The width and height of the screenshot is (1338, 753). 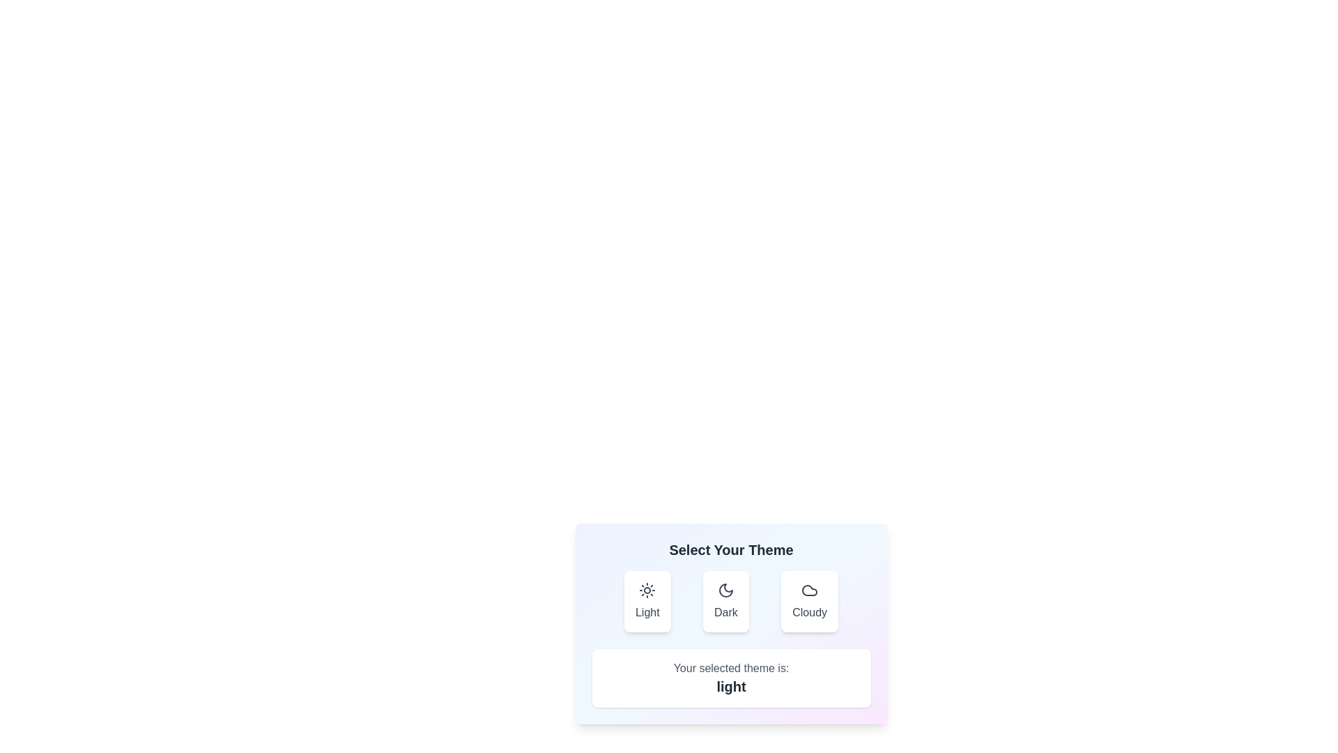 What do you see at coordinates (730, 549) in the screenshot?
I see `the title text element that indicates the purpose of the interface for selecting a visual theme, located at the top of its containing card interface` at bounding box center [730, 549].